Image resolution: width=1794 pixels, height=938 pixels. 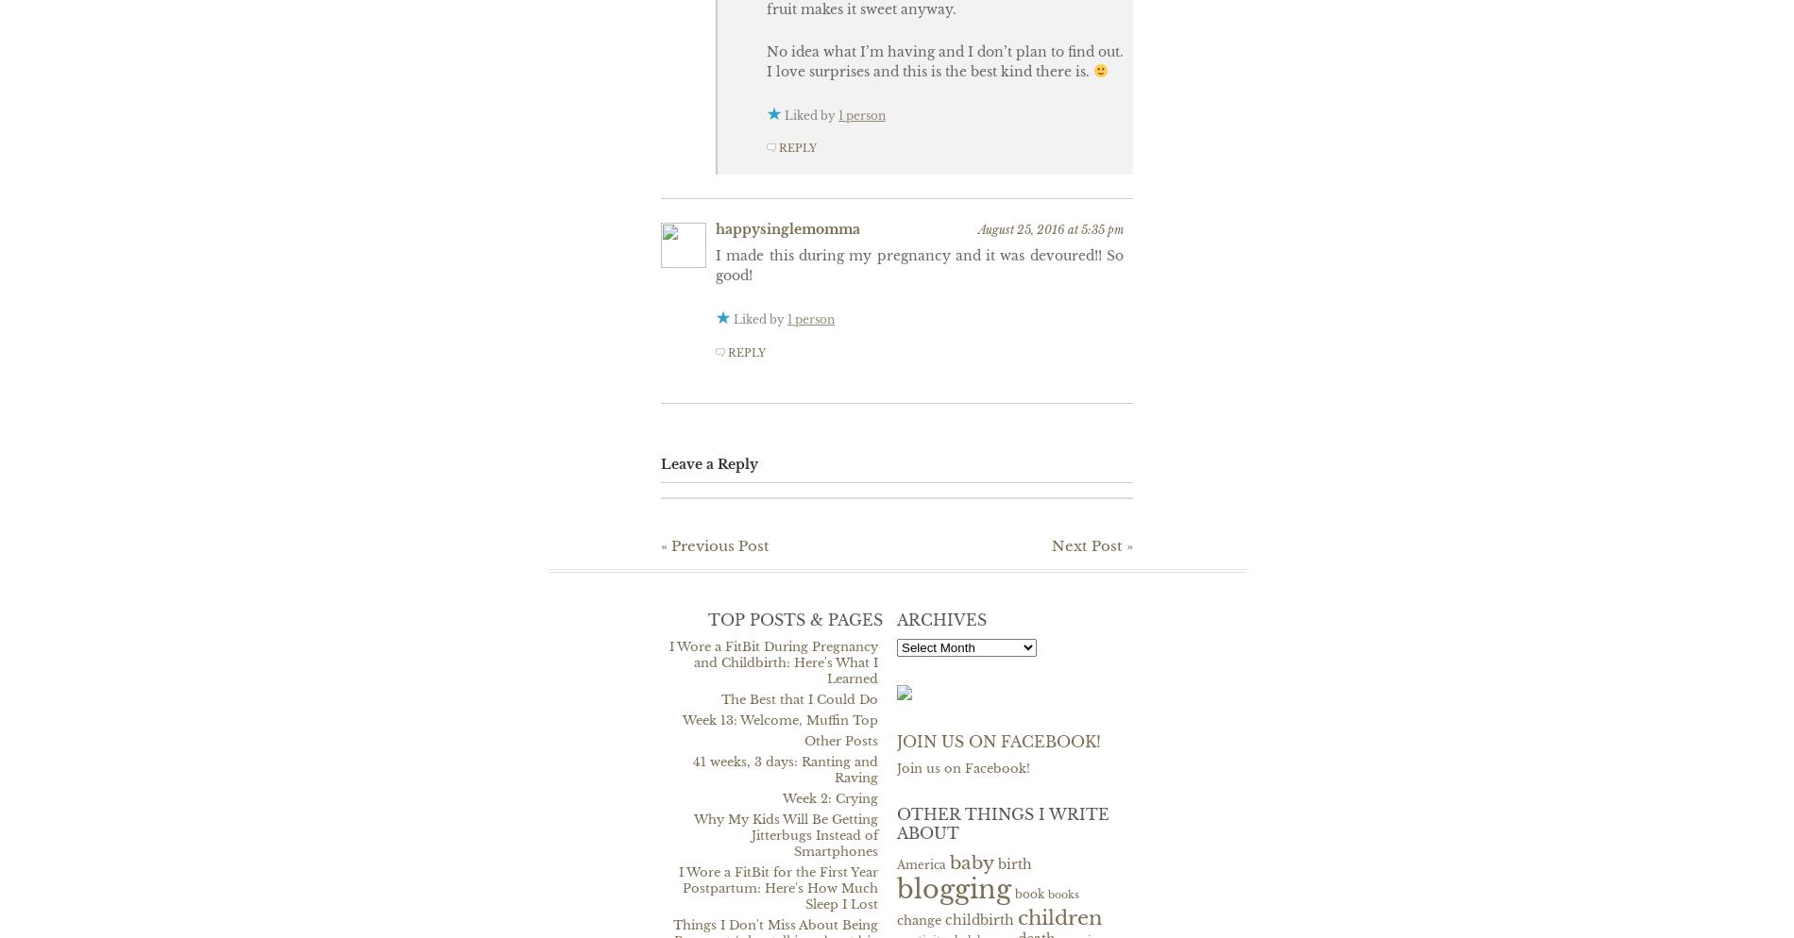 What do you see at coordinates (1003, 823) in the screenshot?
I see `'Other Things I Write About'` at bounding box center [1003, 823].